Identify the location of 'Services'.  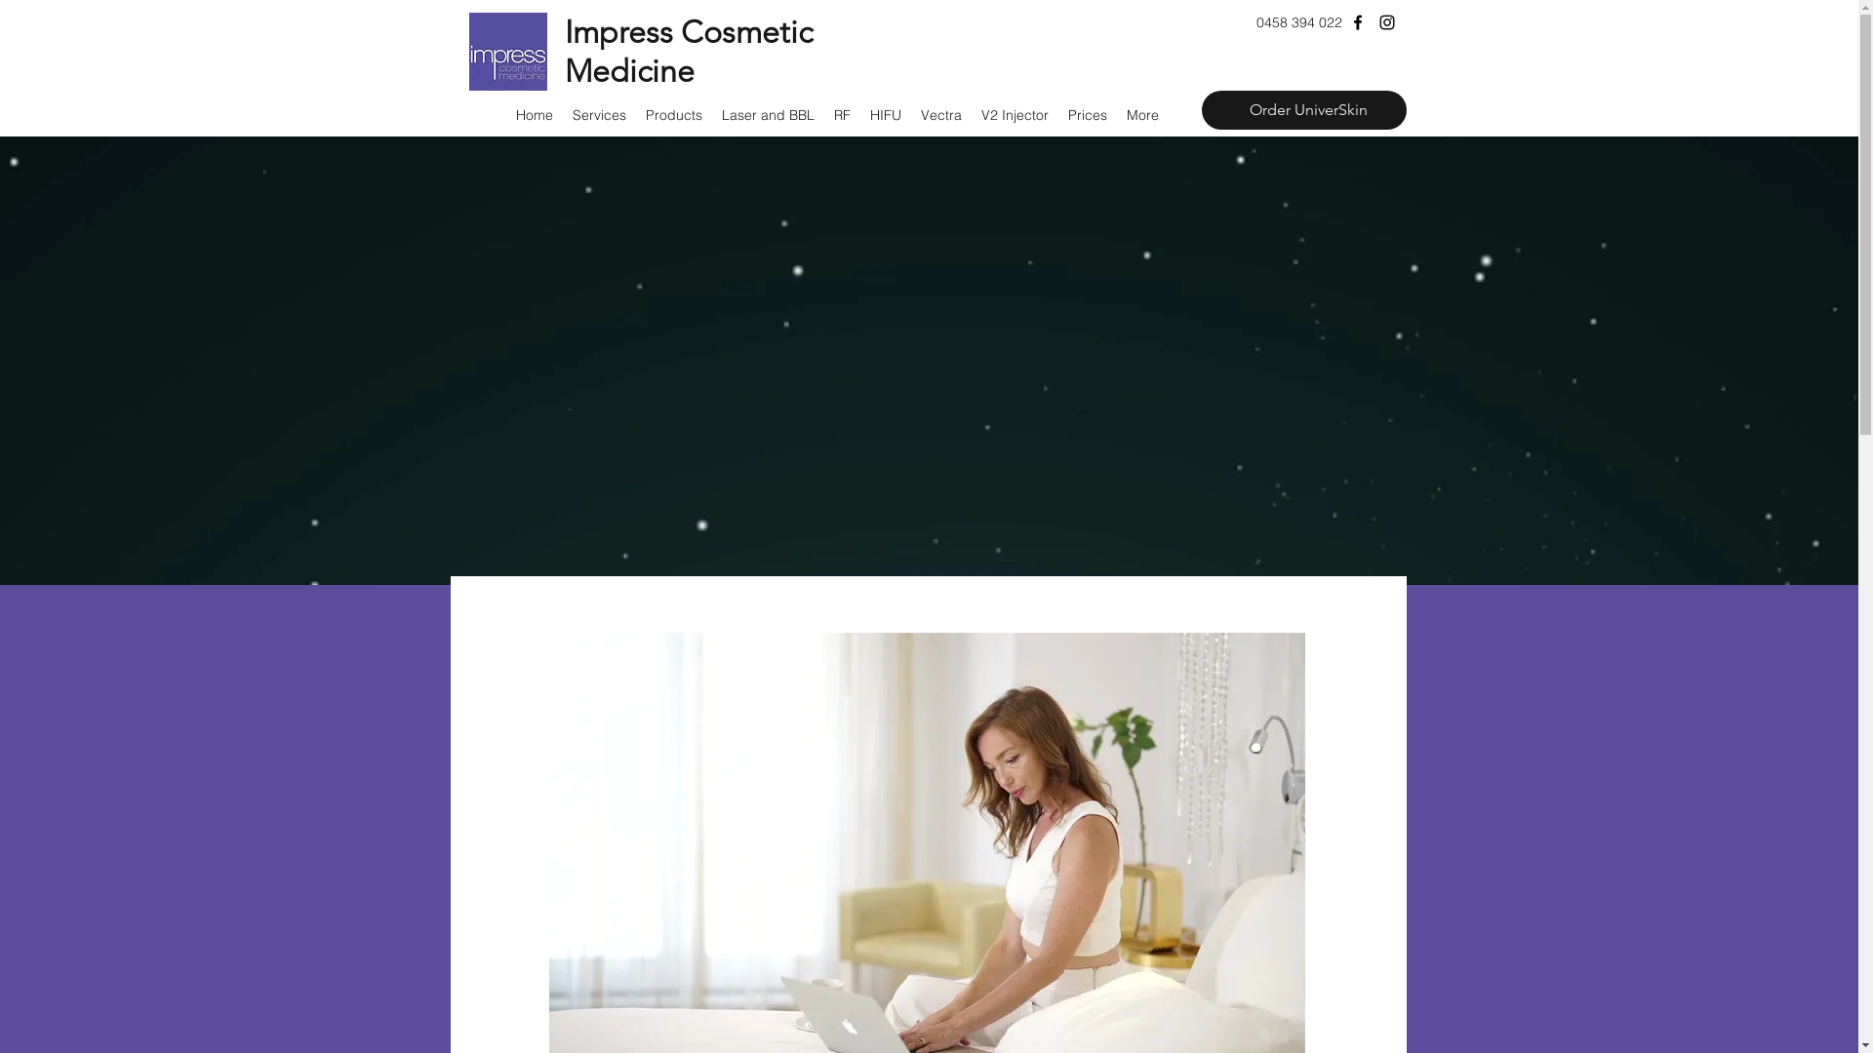
(597, 115).